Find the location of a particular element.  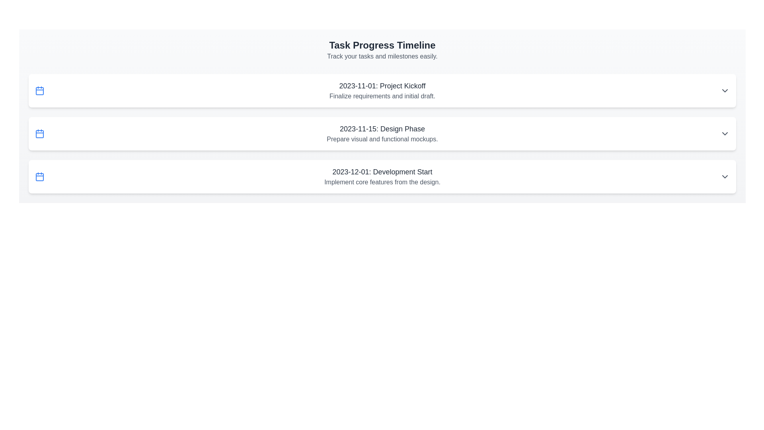

the text of the third timeline item element that displays information about an event is located at coordinates (382, 176).